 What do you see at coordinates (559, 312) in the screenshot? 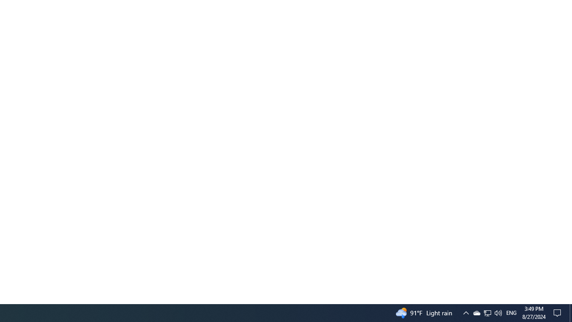
I see `'Show desktop'` at bounding box center [559, 312].